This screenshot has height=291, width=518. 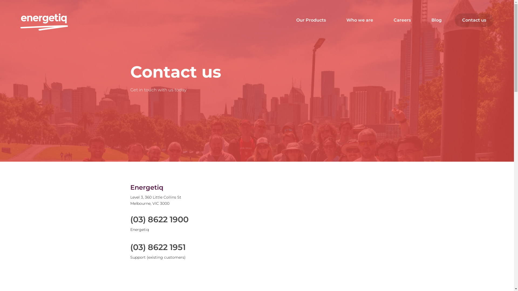 What do you see at coordinates (474, 20) in the screenshot?
I see `'Contact us'` at bounding box center [474, 20].